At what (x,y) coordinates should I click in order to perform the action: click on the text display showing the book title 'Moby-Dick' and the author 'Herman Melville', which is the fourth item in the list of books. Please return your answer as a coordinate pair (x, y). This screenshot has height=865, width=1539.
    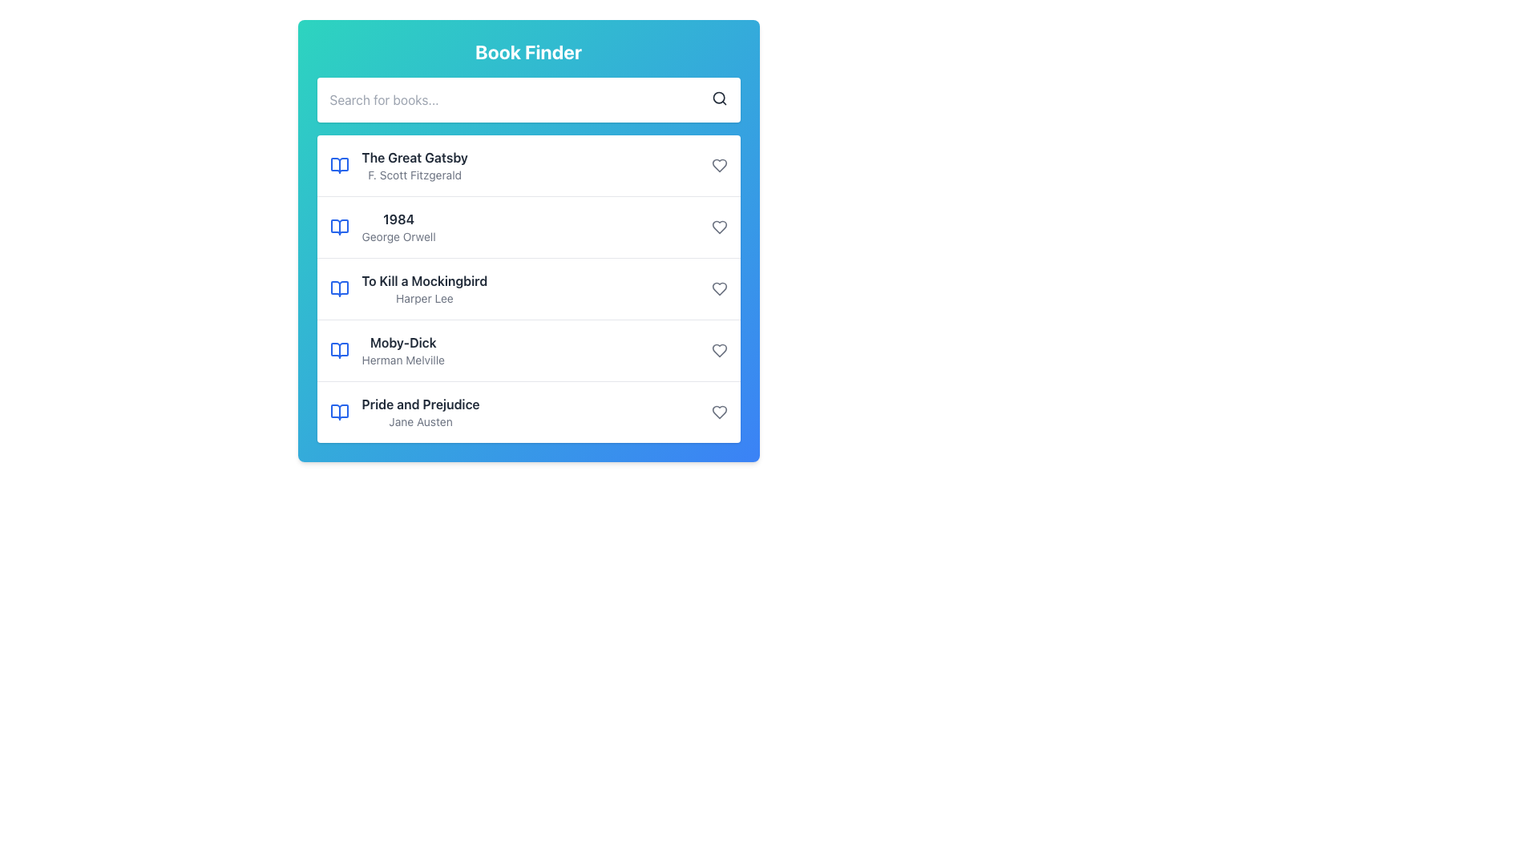
    Looking at the image, I should click on (403, 350).